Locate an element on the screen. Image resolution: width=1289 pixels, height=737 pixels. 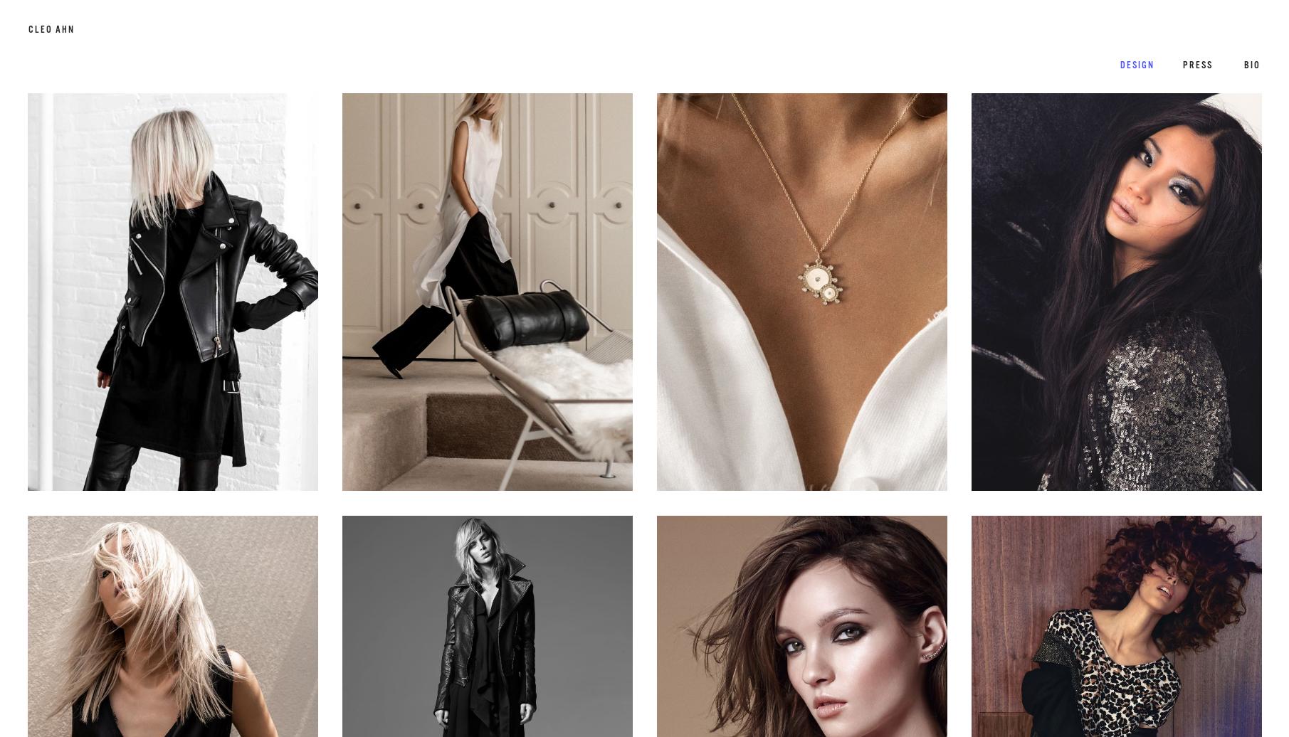
'18K Gold and Diamonds' is located at coordinates (740, 320).